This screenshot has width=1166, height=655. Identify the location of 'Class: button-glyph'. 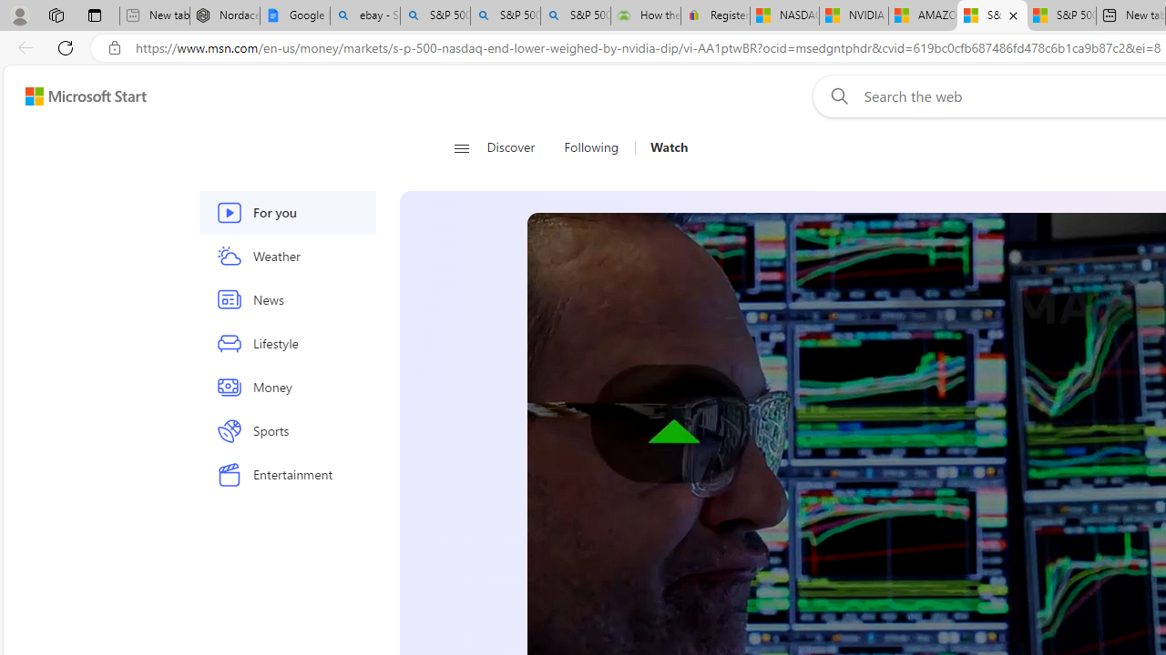
(461, 147).